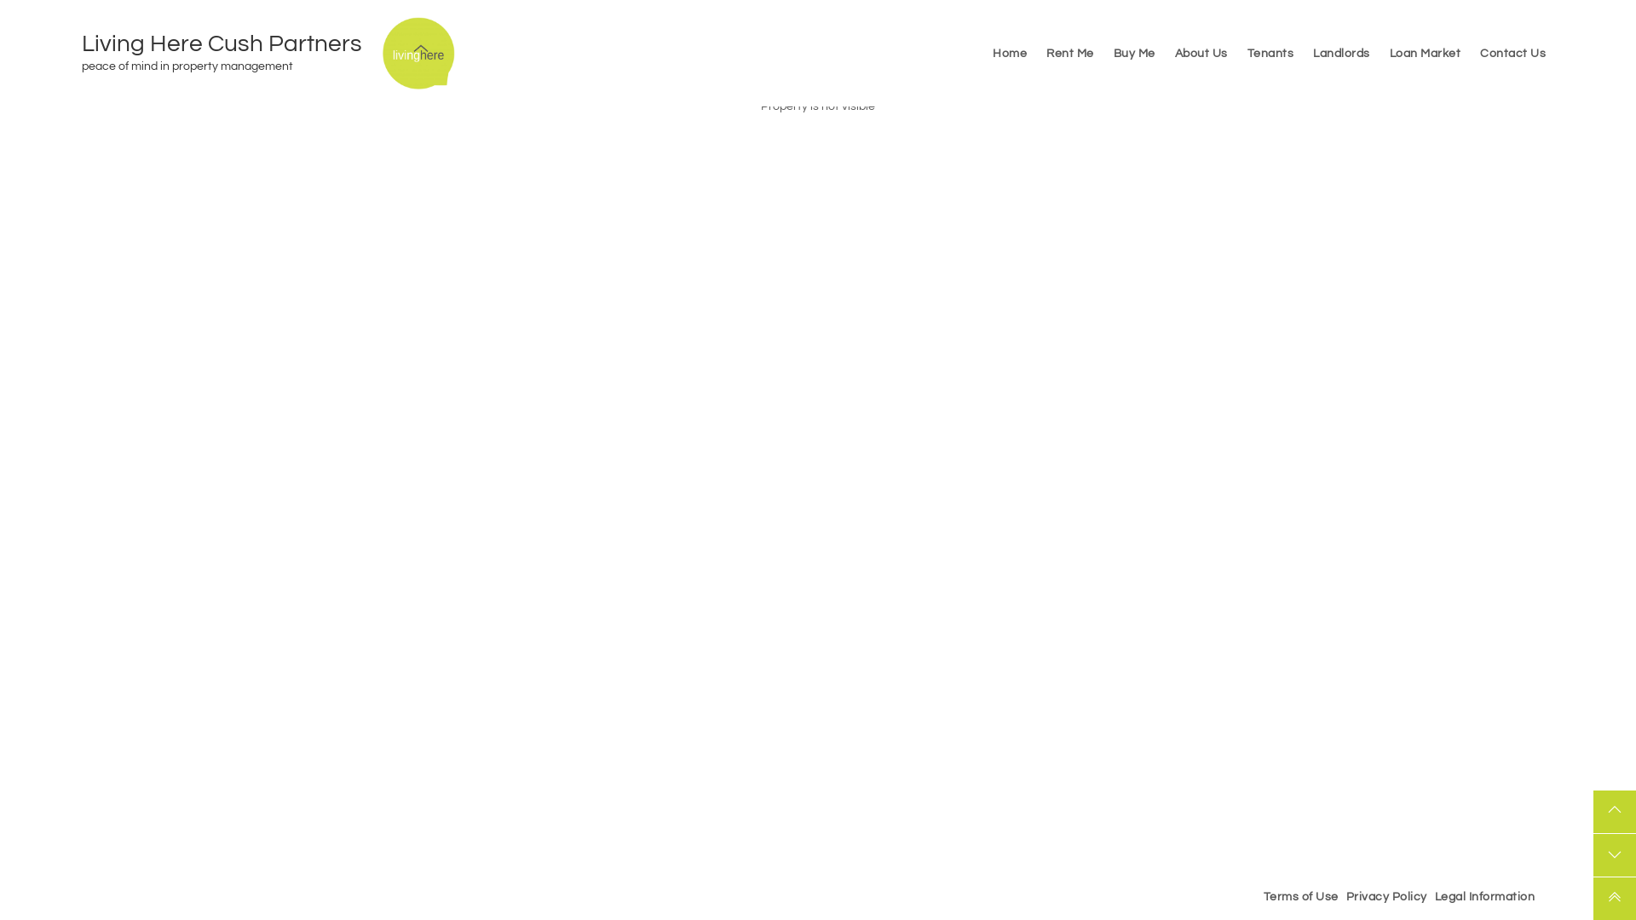 The height and width of the screenshot is (920, 1636). Describe the element at coordinates (1380, 51) in the screenshot. I see `'Loan Market'` at that location.